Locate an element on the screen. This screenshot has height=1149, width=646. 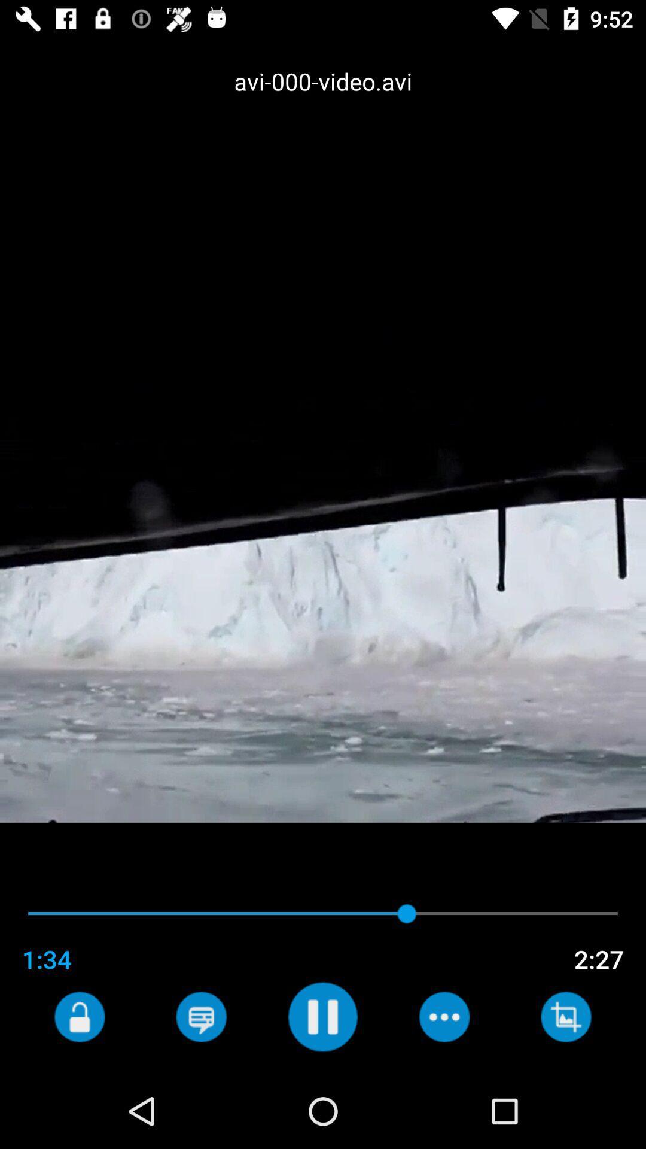
the more icon is located at coordinates (444, 1016).